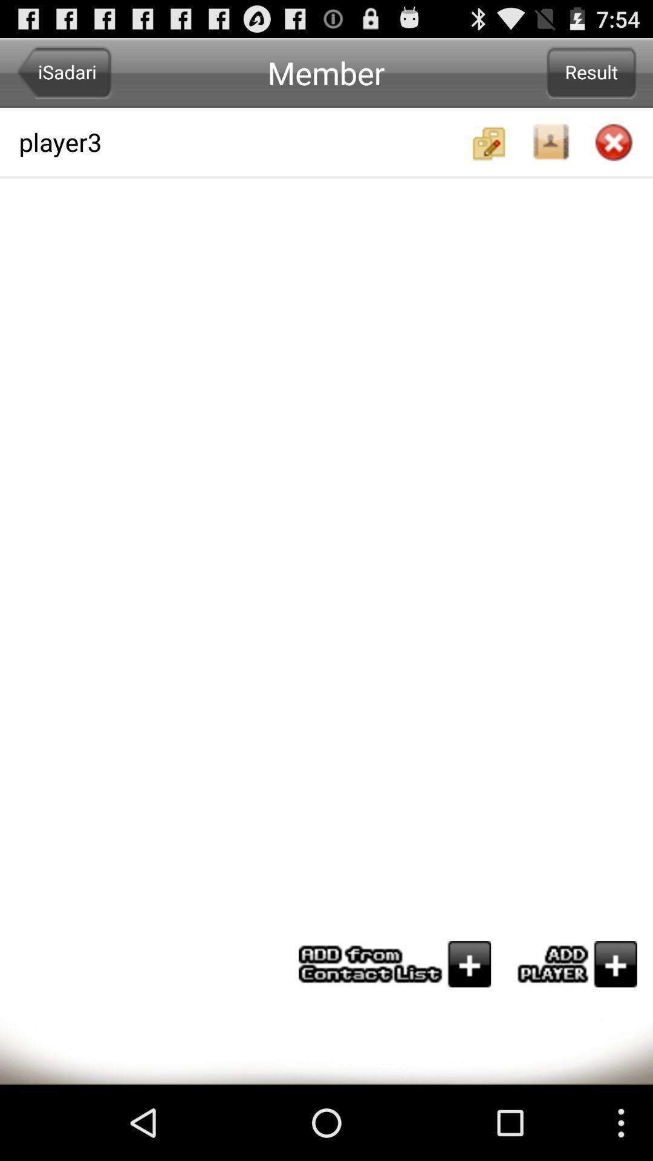  What do you see at coordinates (395, 963) in the screenshot?
I see `from contacts` at bounding box center [395, 963].